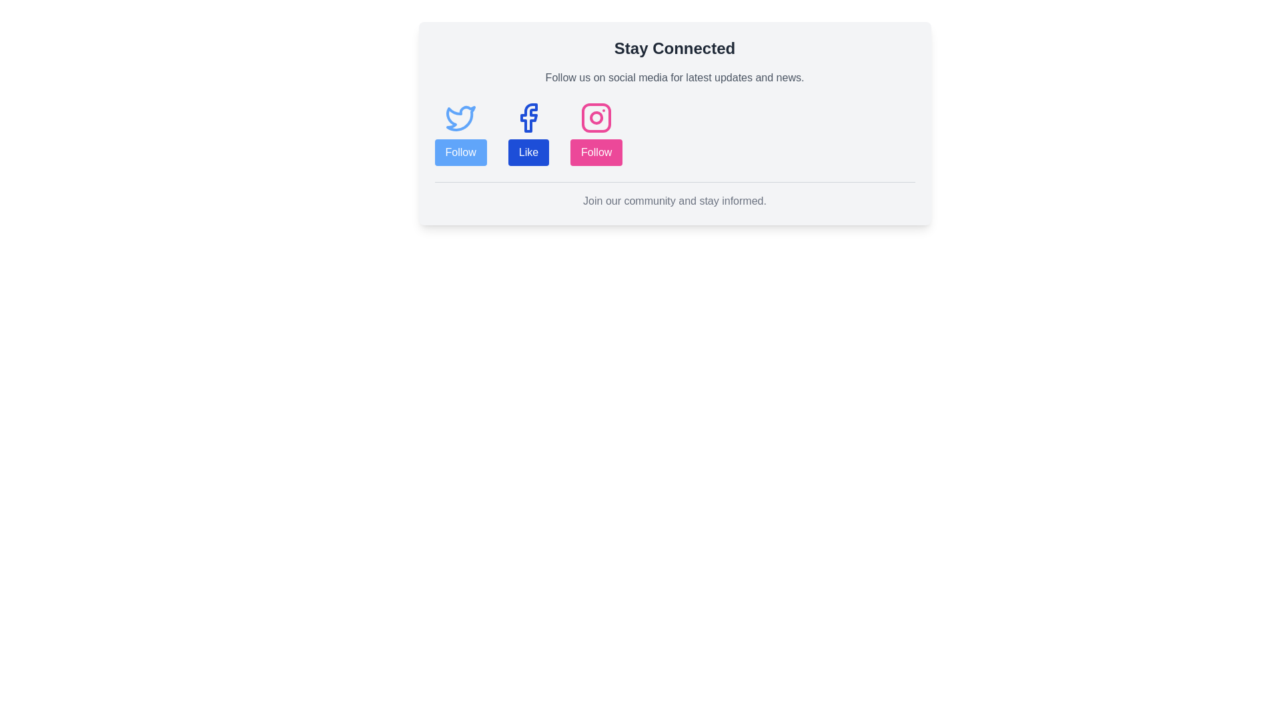  I want to click on the Like button for Facebook, which is positioned centrally between the Twitter Follow button and the Instagram Follow button, to like the page or post, so click(528, 133).